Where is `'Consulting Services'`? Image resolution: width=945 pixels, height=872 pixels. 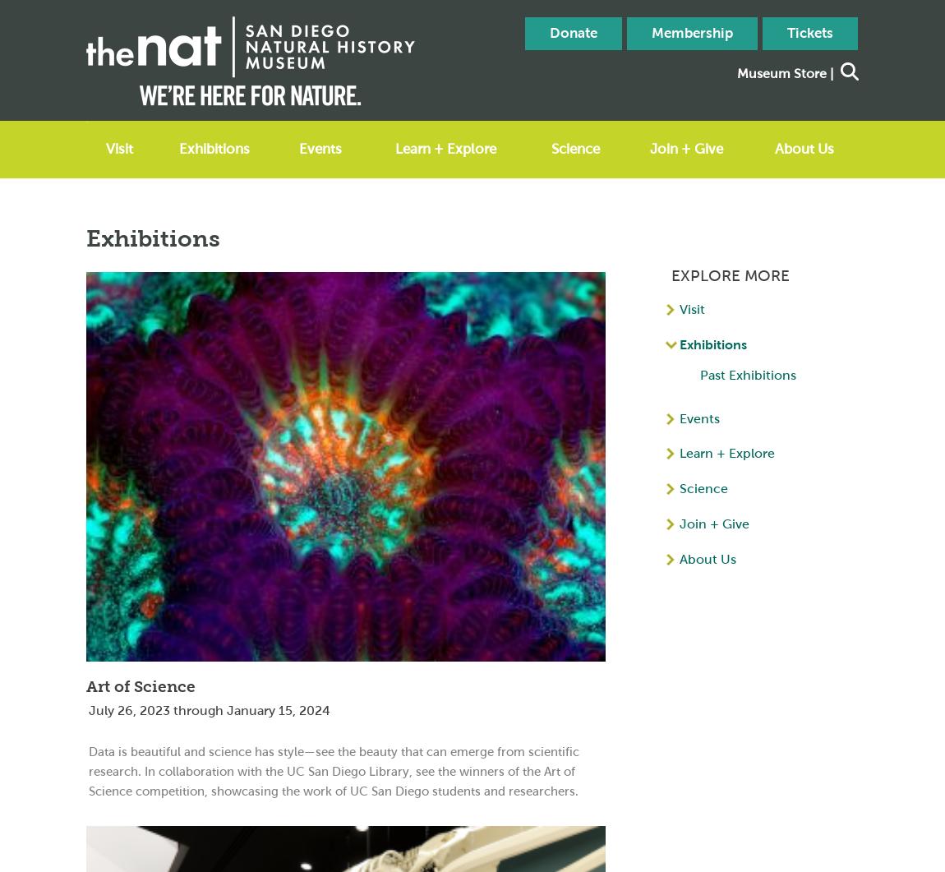
'Consulting Services' is located at coordinates (537, 222).